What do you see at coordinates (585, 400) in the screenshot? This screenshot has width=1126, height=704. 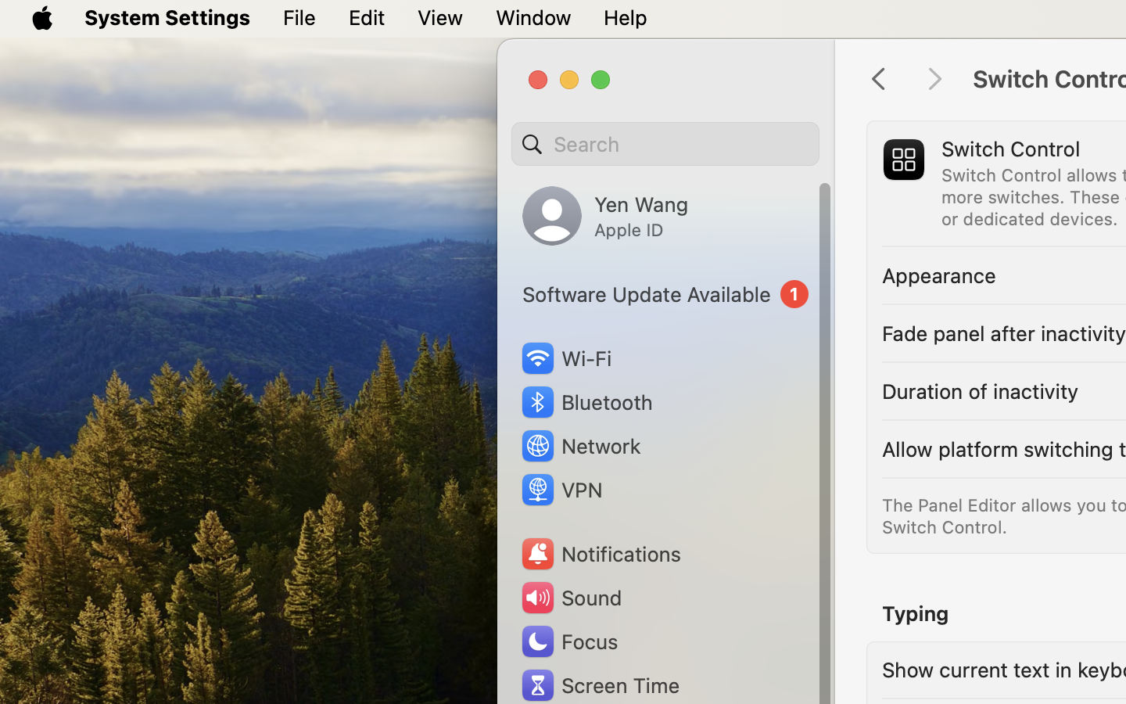 I see `'Bluetooth'` at bounding box center [585, 400].